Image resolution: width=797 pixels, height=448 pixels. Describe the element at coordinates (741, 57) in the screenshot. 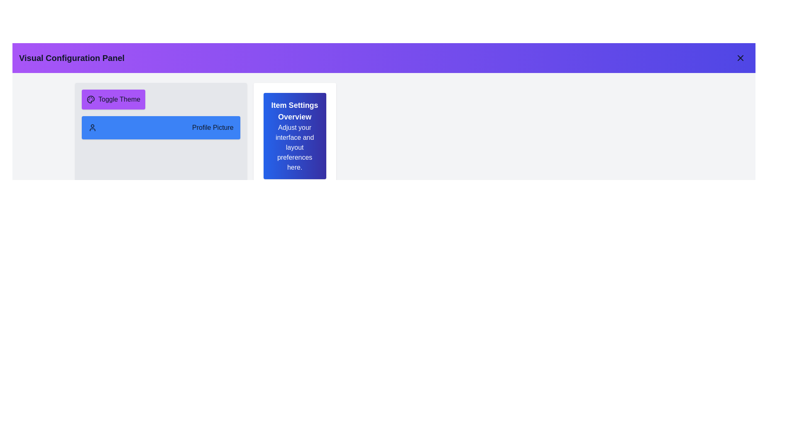

I see `the close button located at the far right of the header bar titled 'Visual Configuration Panel'` at that location.